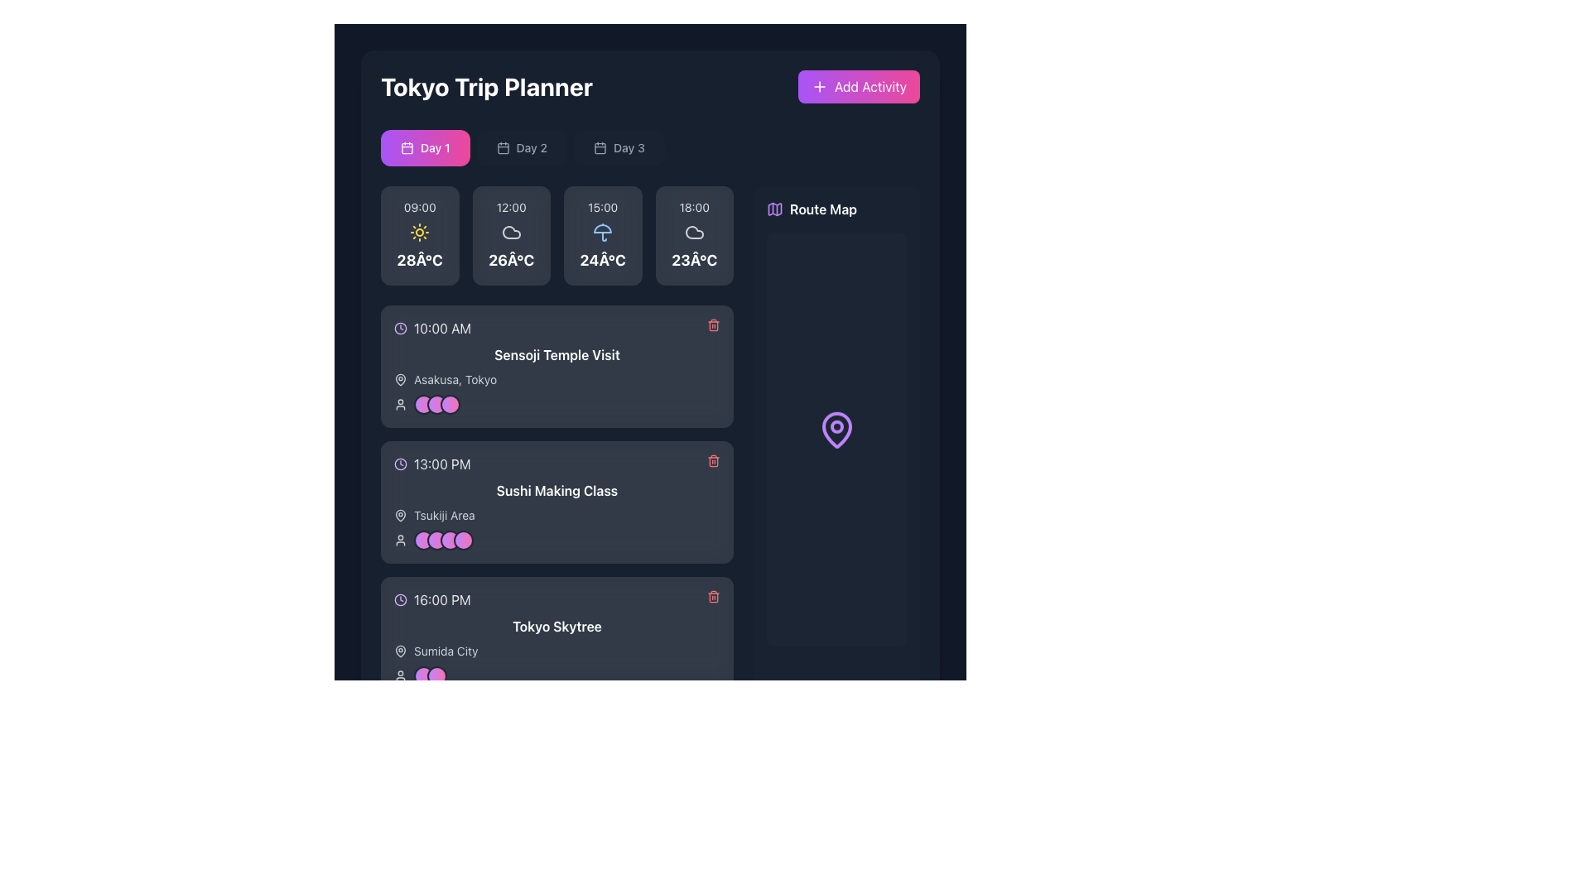 The image size is (1590, 894). Describe the element at coordinates (420, 233) in the screenshot. I see `the sun icon representing sunny weather in the first weather panel, which indicates a temperature of 28°C at 09:00` at that location.